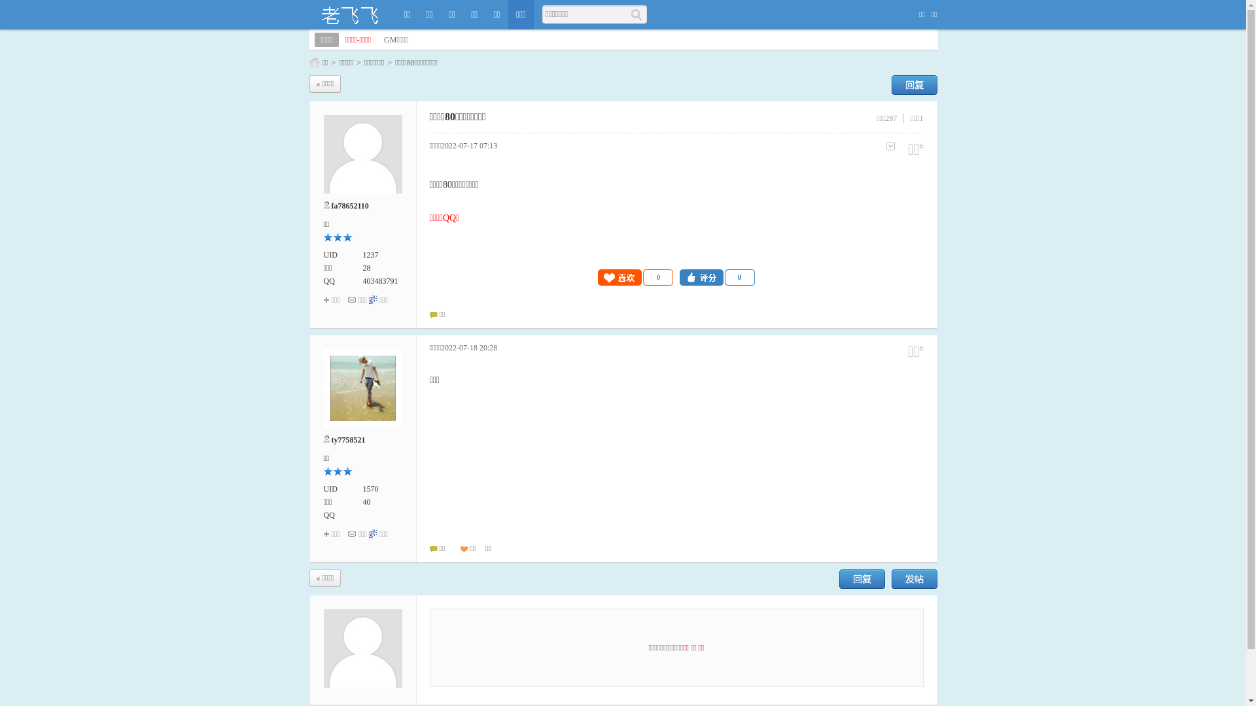  What do you see at coordinates (716, 277) in the screenshot?
I see `'0'` at bounding box center [716, 277].